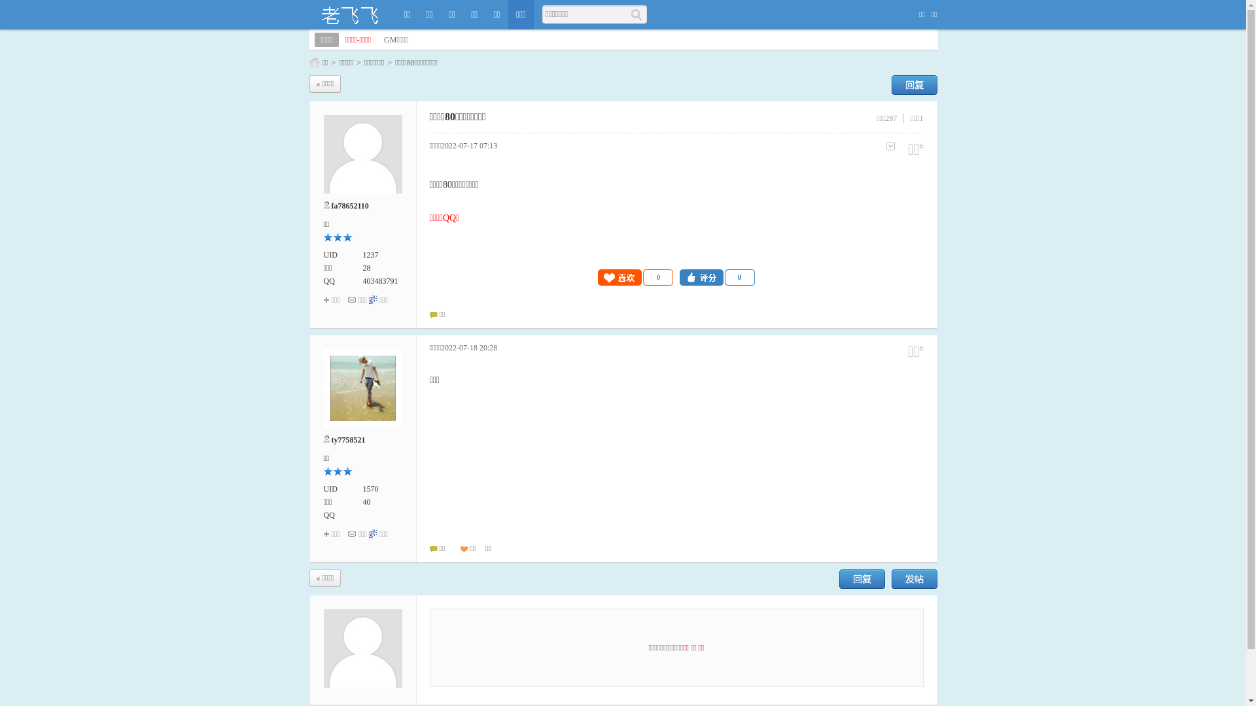  What do you see at coordinates (716, 277) in the screenshot?
I see `'0'` at bounding box center [716, 277].